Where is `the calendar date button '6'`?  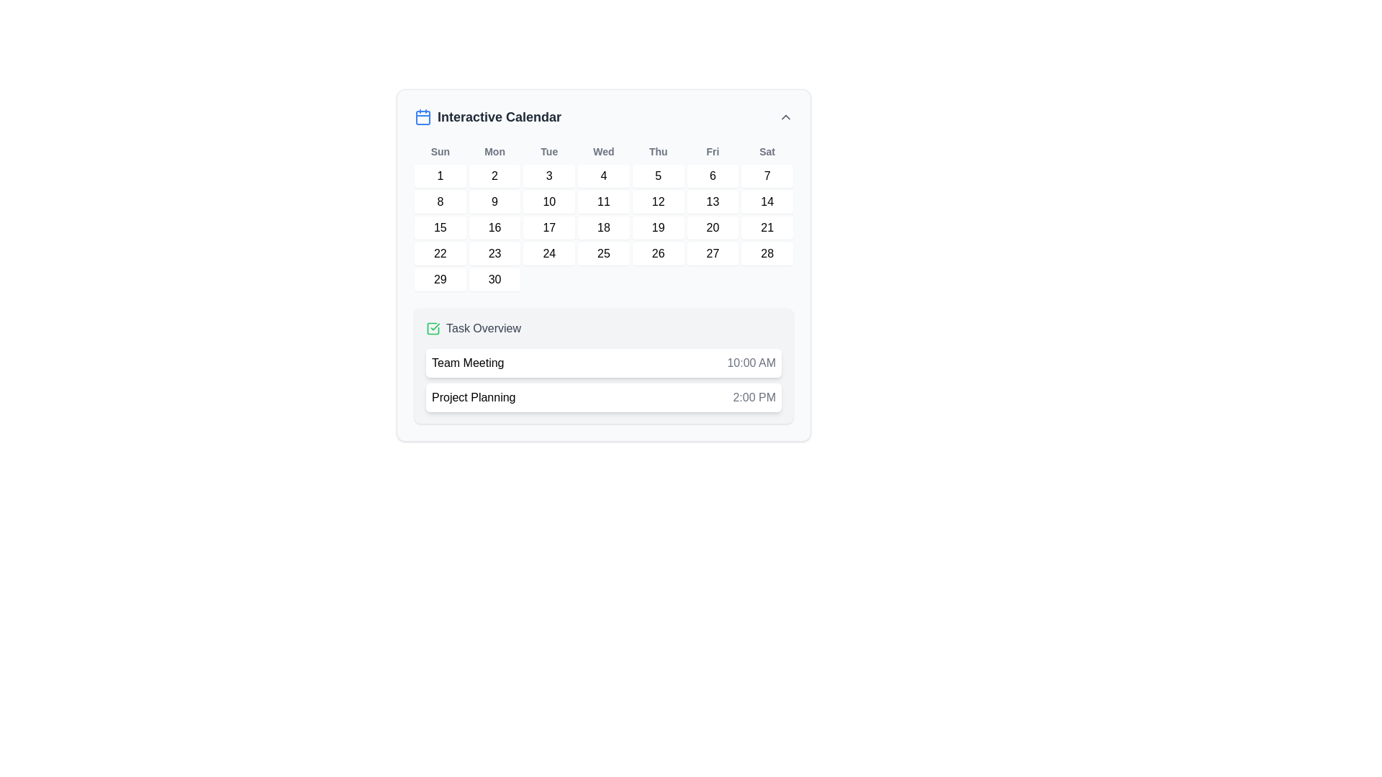 the calendar date button '6' is located at coordinates (713, 176).